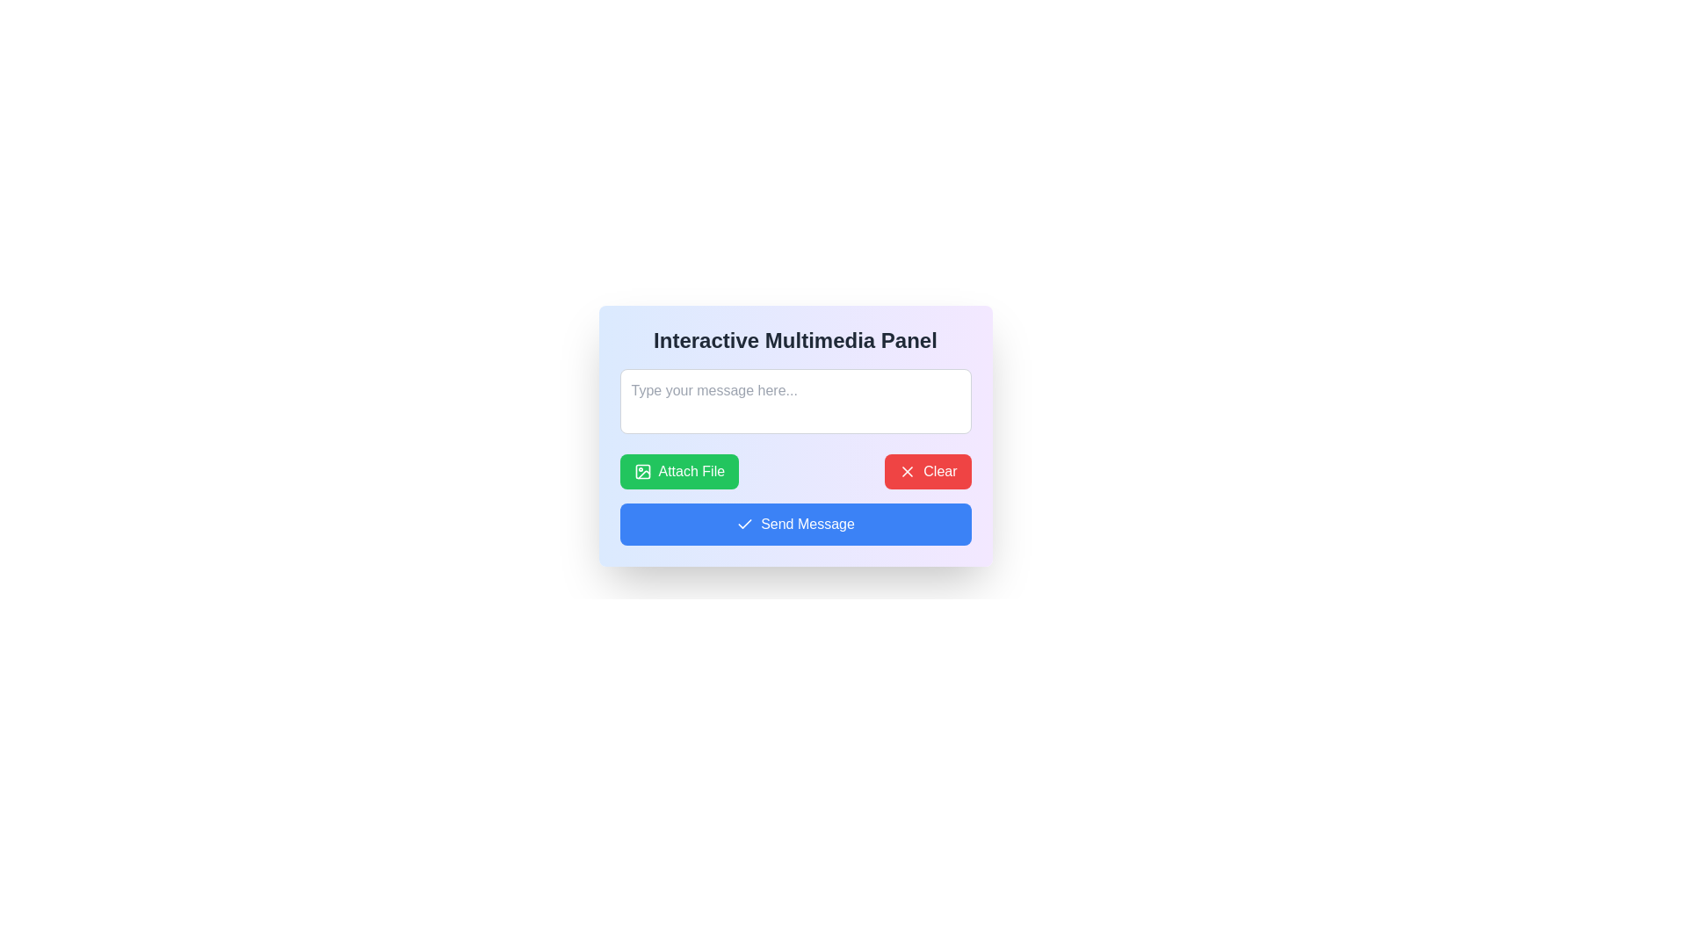 The image size is (1687, 949). What do you see at coordinates (794, 524) in the screenshot?
I see `the blue rectangular button with rounded corners and a checkmark icon to send the message` at bounding box center [794, 524].